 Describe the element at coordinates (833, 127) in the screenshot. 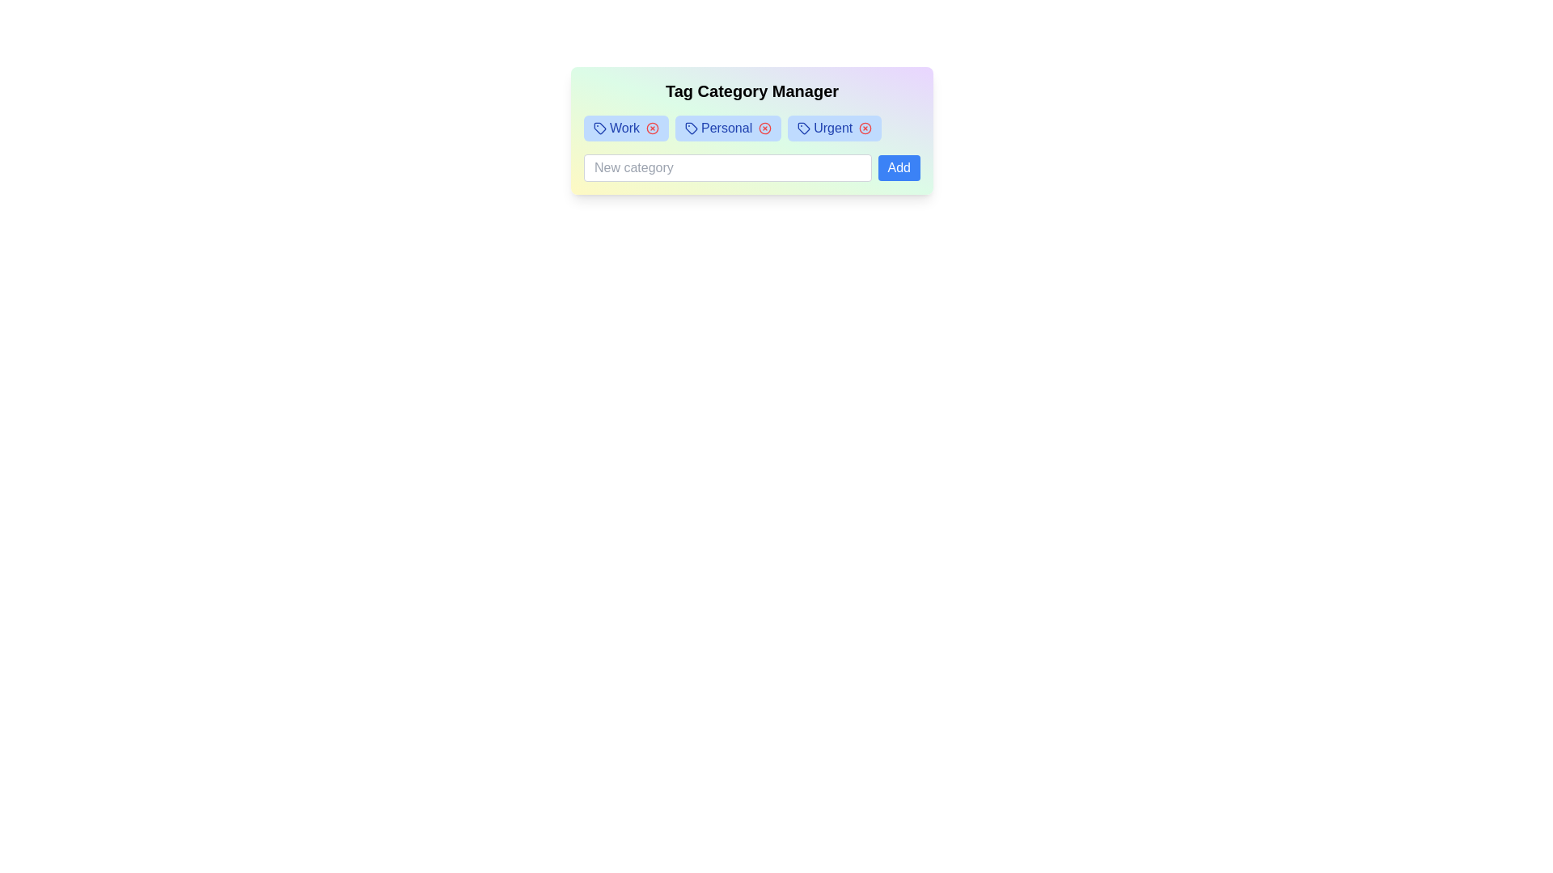

I see `the 'Urgent' text label` at that location.